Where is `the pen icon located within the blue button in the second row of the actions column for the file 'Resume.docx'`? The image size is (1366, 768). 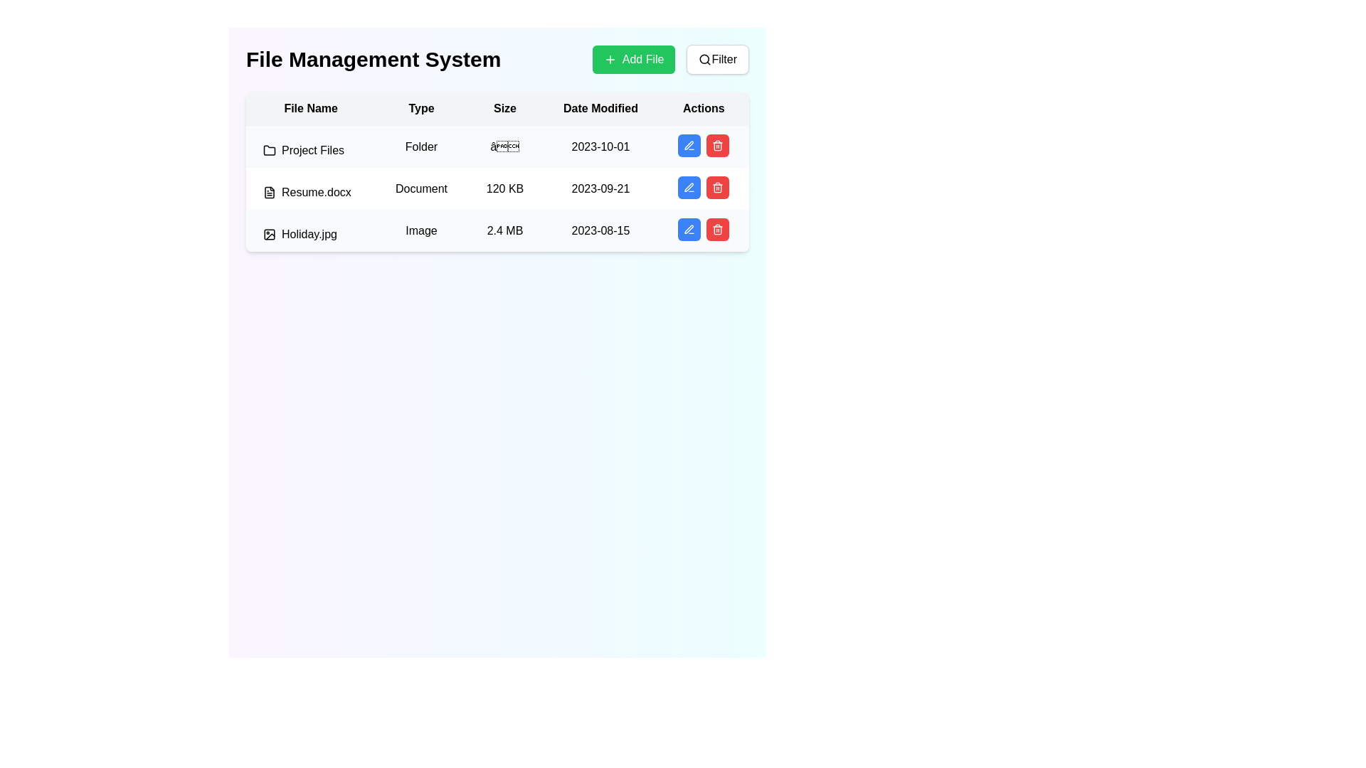 the pen icon located within the blue button in the second row of the actions column for the file 'Resume.docx' is located at coordinates (689, 145).